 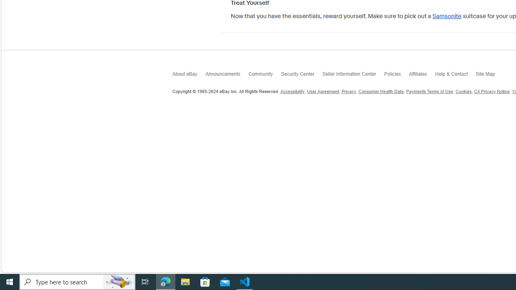 What do you see at coordinates (188, 75) in the screenshot?
I see `'About eBay'` at bounding box center [188, 75].